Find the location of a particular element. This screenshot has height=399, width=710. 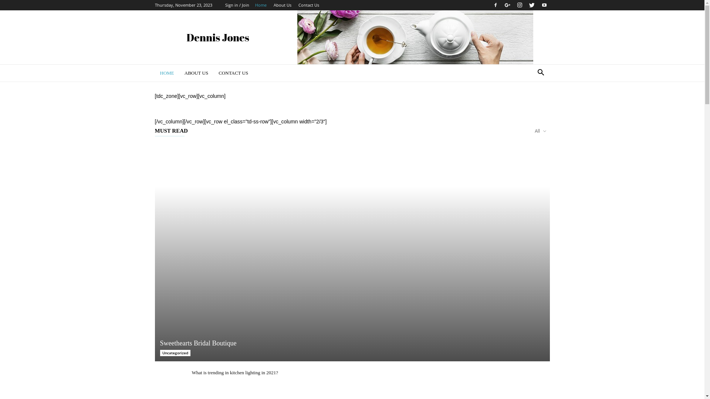

'CONTACT US' is located at coordinates (233, 73).